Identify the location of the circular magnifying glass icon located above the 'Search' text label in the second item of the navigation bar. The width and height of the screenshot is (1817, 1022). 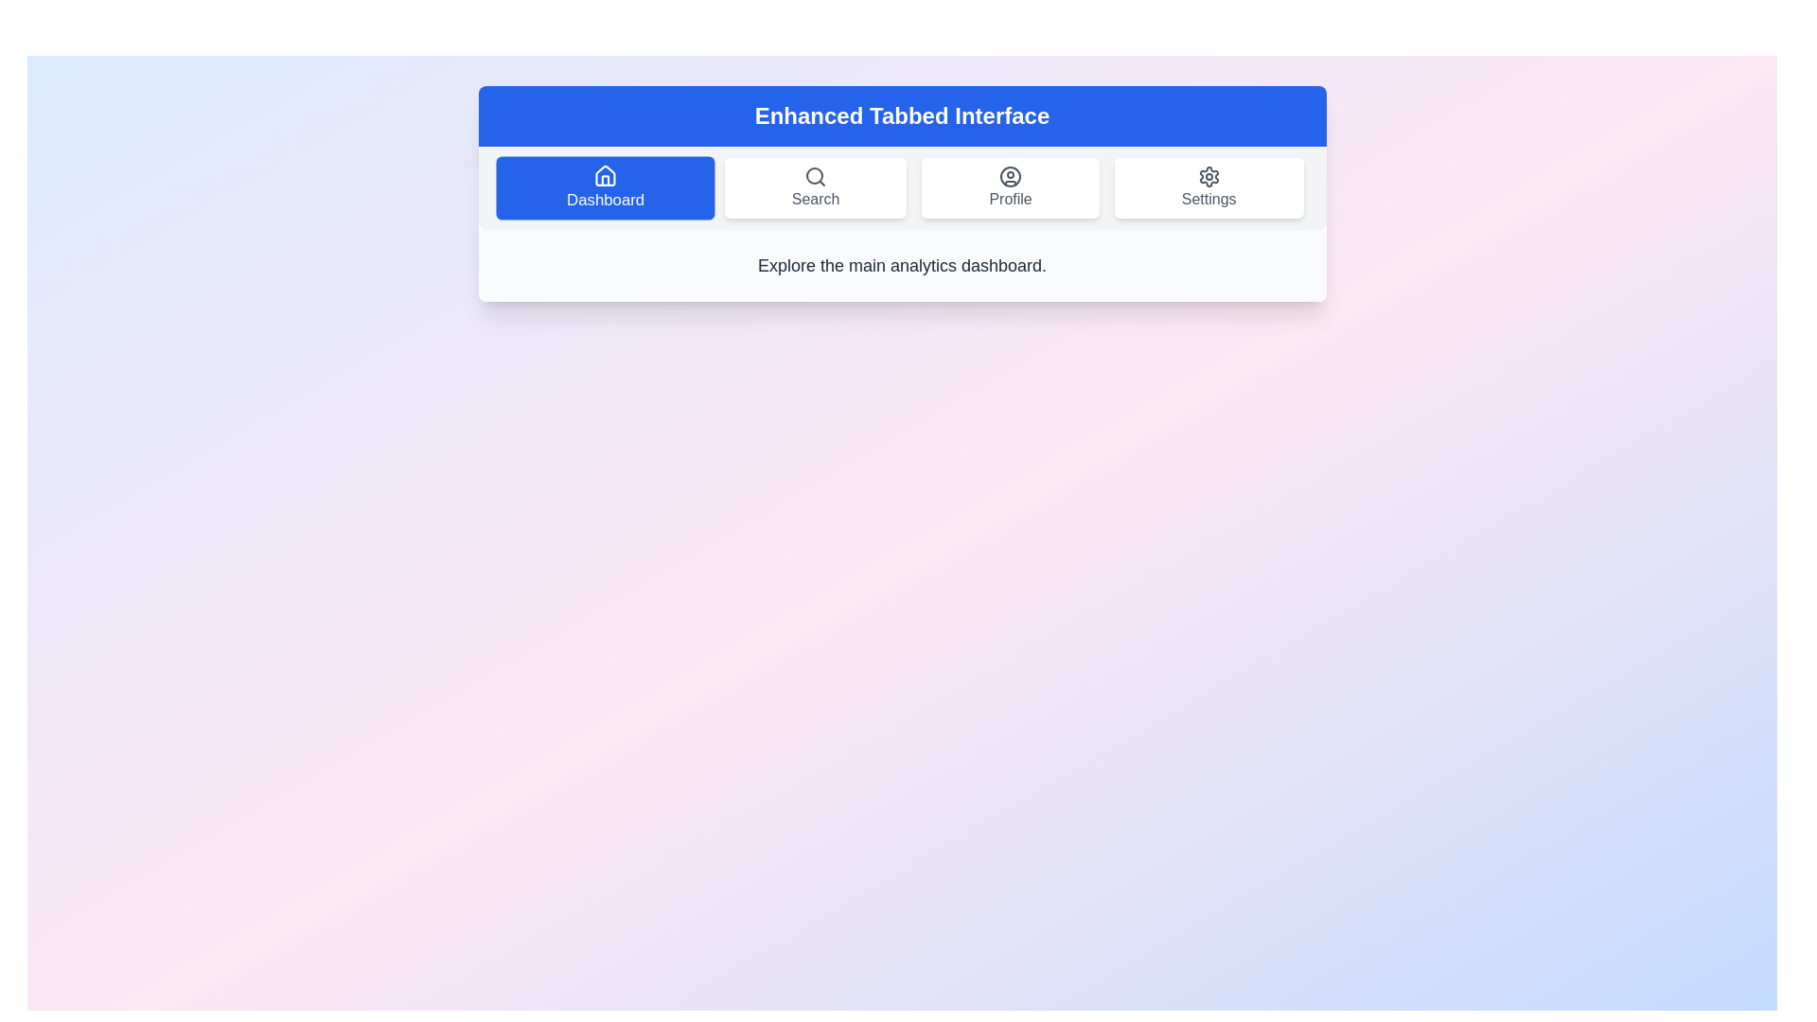
(816, 176).